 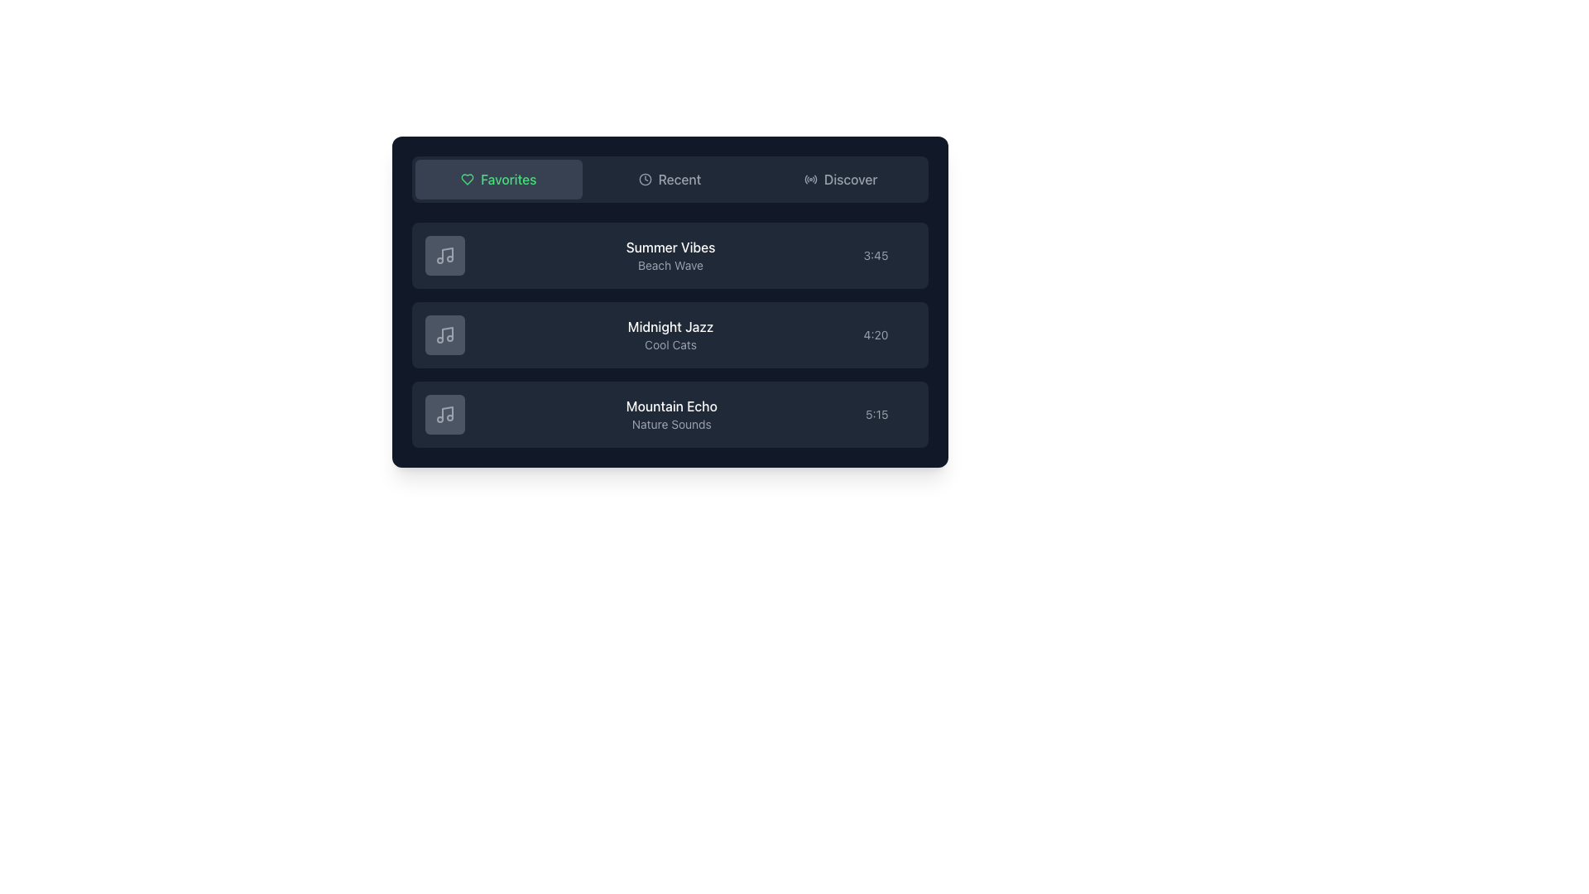 I want to click on the 'Discover' icon located in the top navigation bar, positioned to the left of the text 'Discover', so click(x=810, y=179).